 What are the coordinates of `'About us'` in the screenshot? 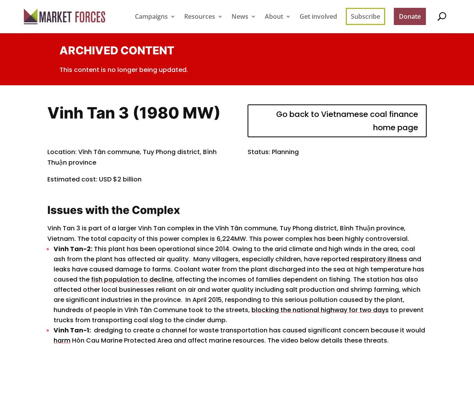 It's located at (289, 45).